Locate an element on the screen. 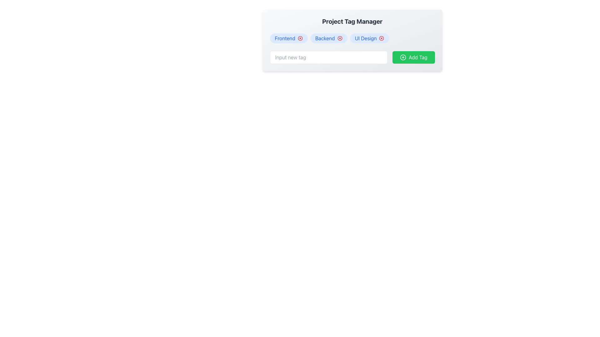 Image resolution: width=600 pixels, height=337 pixels. the circular '+' icon with a green background located within the 'Add Tag' button is located at coordinates (403, 57).